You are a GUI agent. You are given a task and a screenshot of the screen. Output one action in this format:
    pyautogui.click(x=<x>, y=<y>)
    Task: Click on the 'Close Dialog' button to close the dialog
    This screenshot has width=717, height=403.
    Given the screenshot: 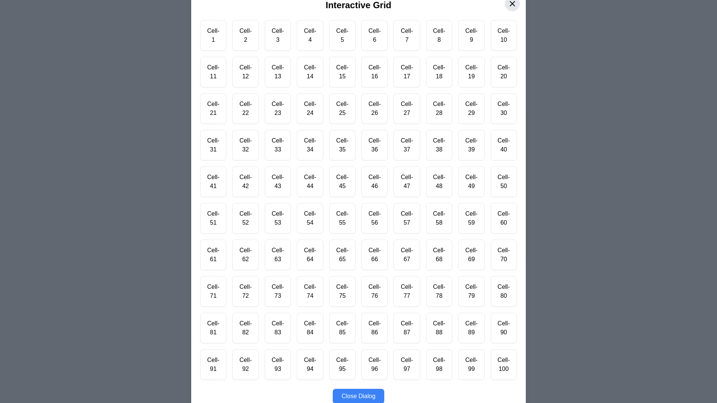 What is the action you would take?
    pyautogui.click(x=358, y=396)
    